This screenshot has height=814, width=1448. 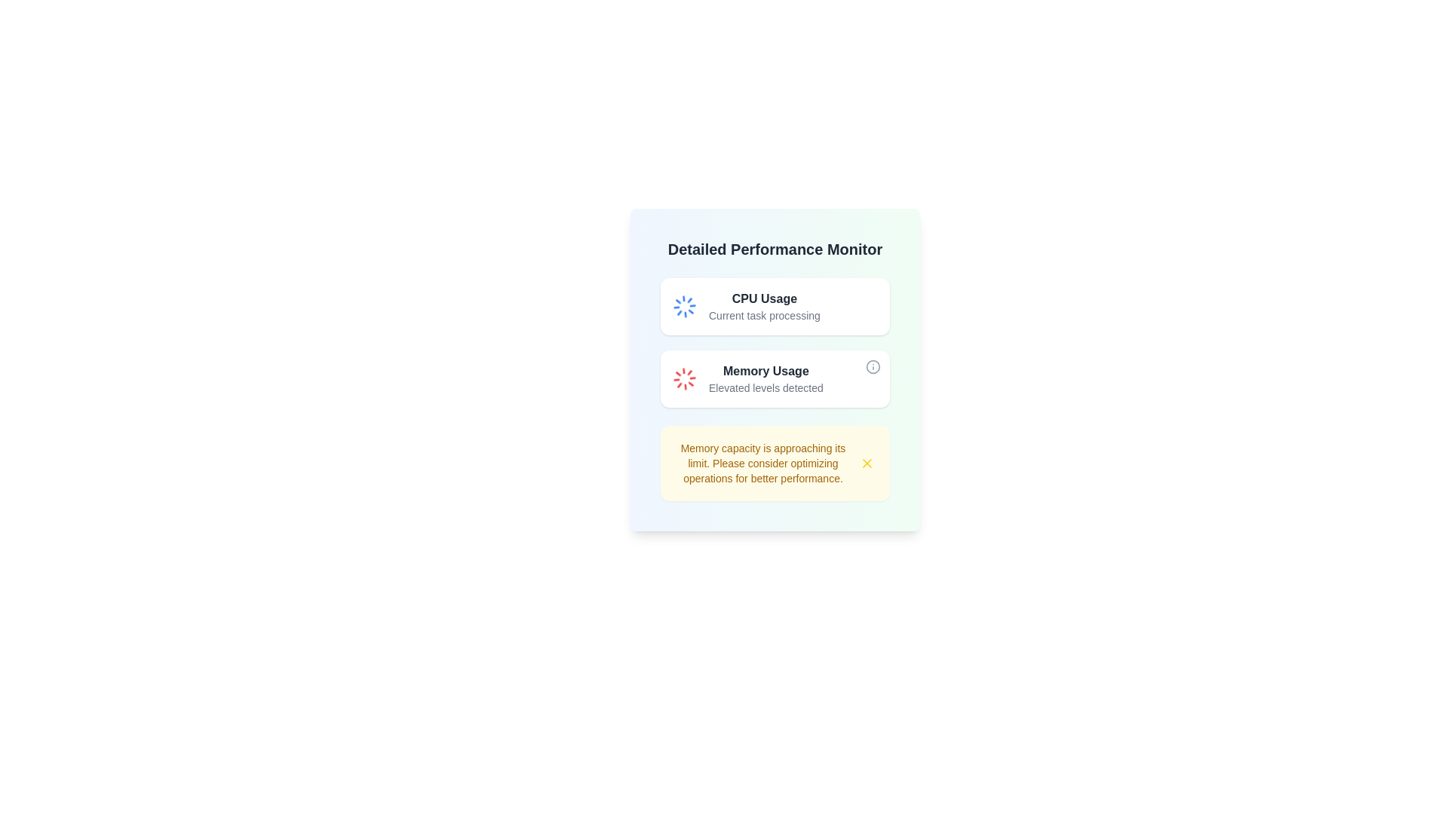 I want to click on the label that displays the text 'Elevated levels detected.' located beneath the 'Memory Usage' label in the Memory Usage section of the dashboard, so click(x=765, y=387).